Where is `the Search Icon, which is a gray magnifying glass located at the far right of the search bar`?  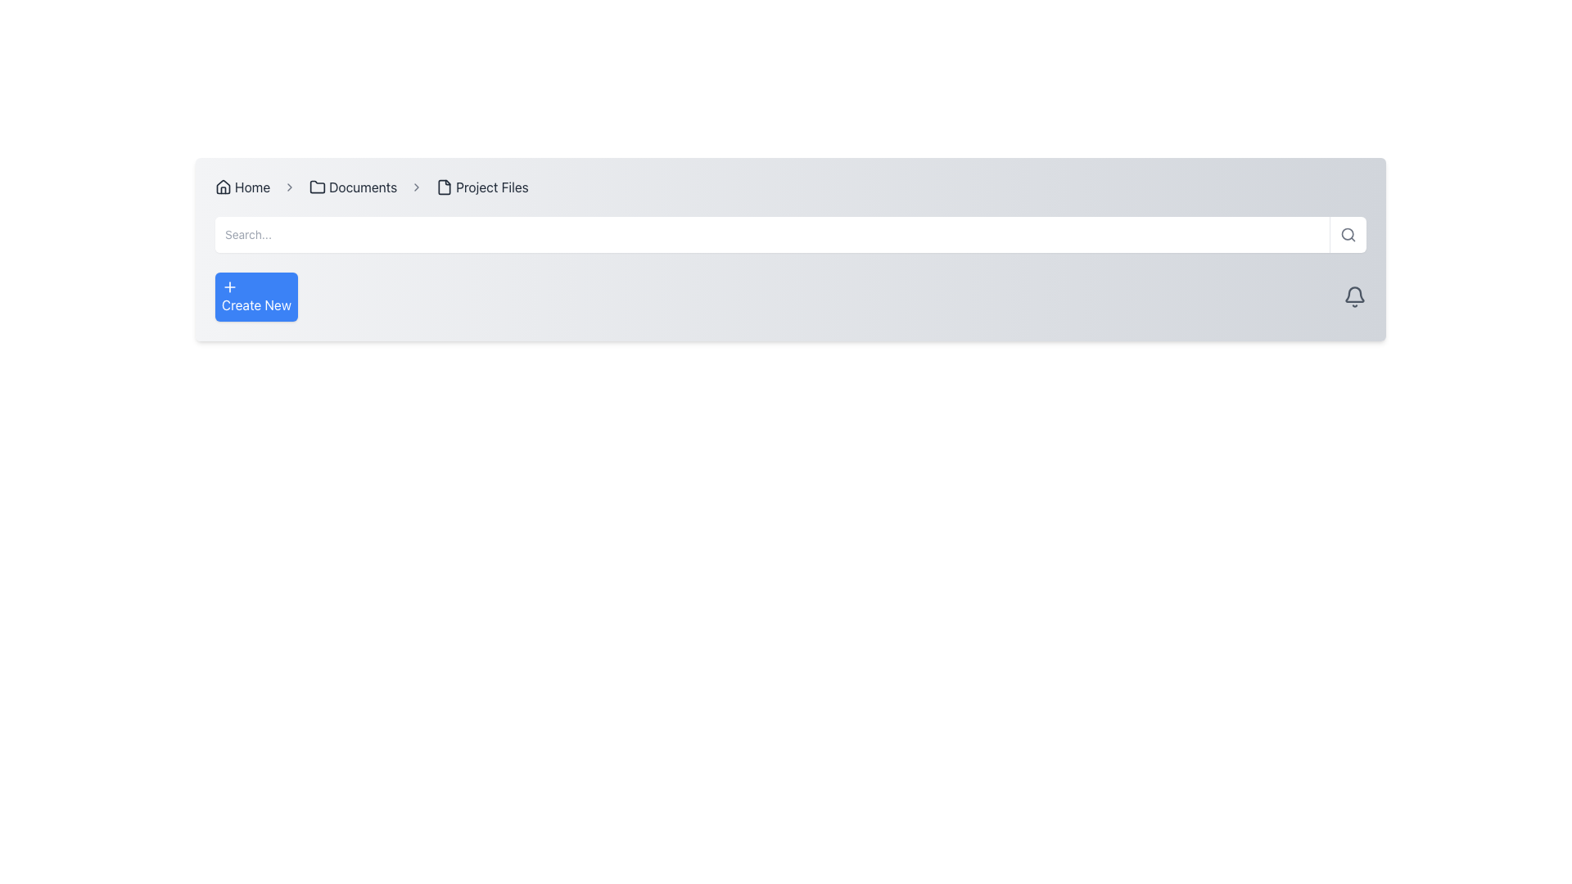
the Search Icon, which is a gray magnifying glass located at the far right of the search bar is located at coordinates (1348, 234).